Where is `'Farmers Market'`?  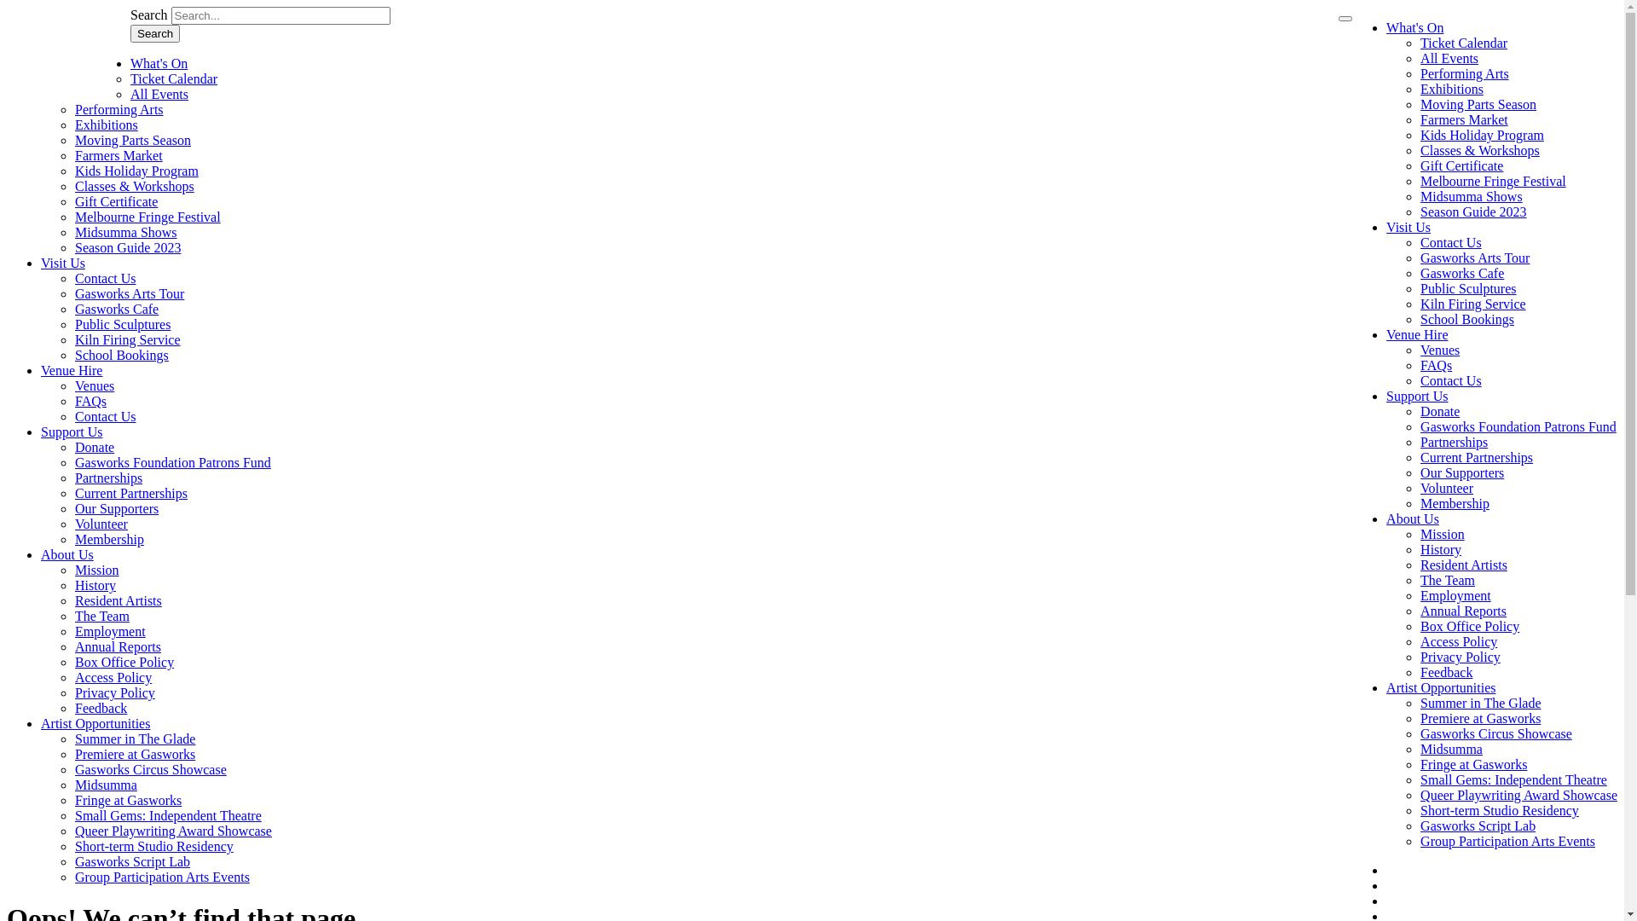 'Farmers Market' is located at coordinates (1420, 119).